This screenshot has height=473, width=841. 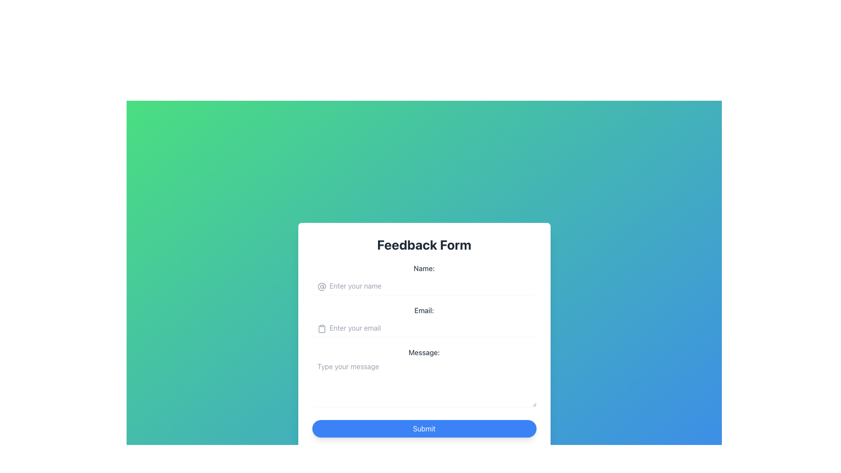 What do you see at coordinates (424, 268) in the screenshot?
I see `the label indicating the input field for entering the user's name in the feedback form, located directly under the heading 'Feedback Form'` at bounding box center [424, 268].